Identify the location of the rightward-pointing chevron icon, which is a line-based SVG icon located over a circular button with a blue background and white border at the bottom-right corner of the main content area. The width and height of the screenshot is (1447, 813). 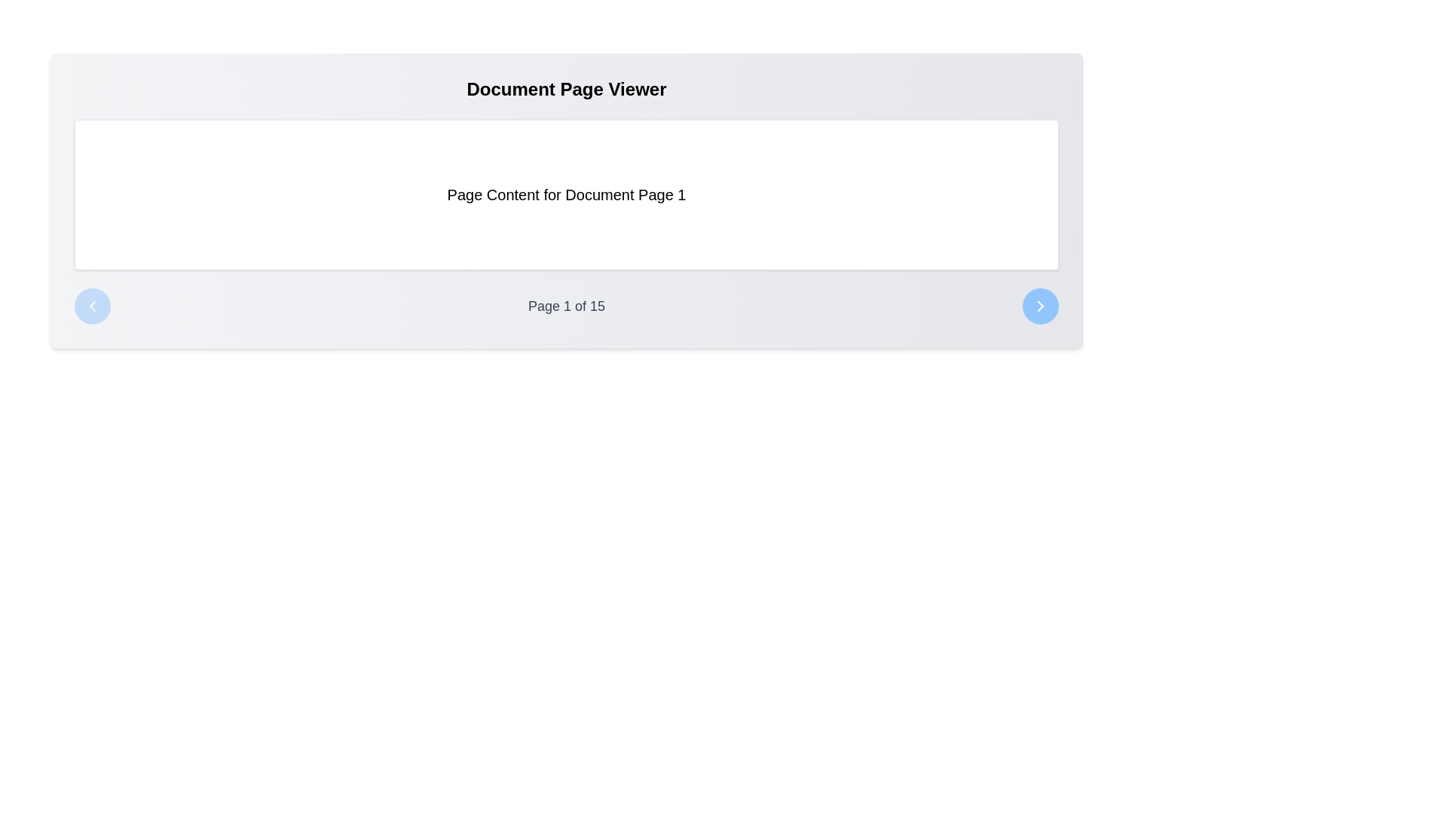
(1040, 306).